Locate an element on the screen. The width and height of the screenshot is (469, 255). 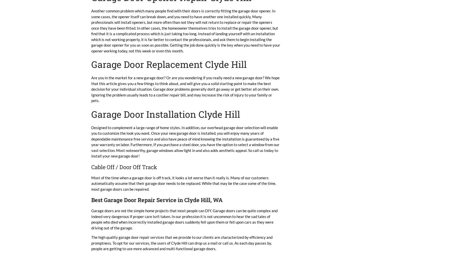
'Garage doors are not the simple home projects that most people can DIY. Garage doors can be quite complex and indeed very dangerous if proper care isn’t taken. In our profession it is not uncommon to hear the sad tales of people who died when incorrectly installed garage doors suddenly fell upon them or fell upon cars as they were driving out of the garage.' is located at coordinates (184, 219).